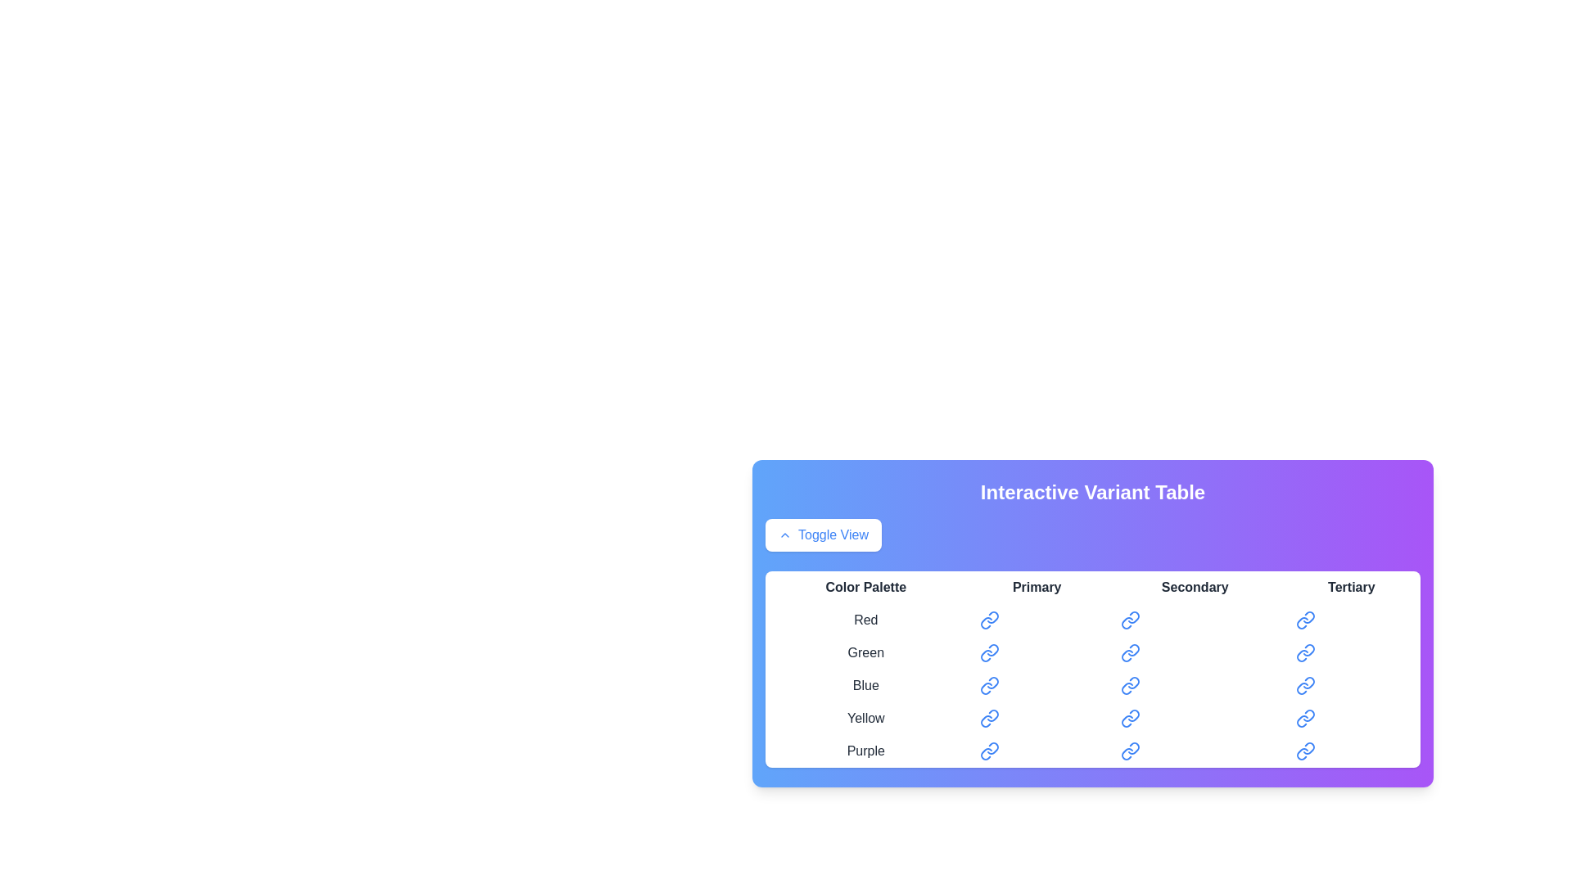 The height and width of the screenshot is (884, 1572). What do you see at coordinates (1304, 751) in the screenshot?
I see `the blue link-style button with a chain icon located in the third column labeled 'Tertiary' and the fifth row associated with 'Purple' in the 'Interactive Variant Table'` at bounding box center [1304, 751].